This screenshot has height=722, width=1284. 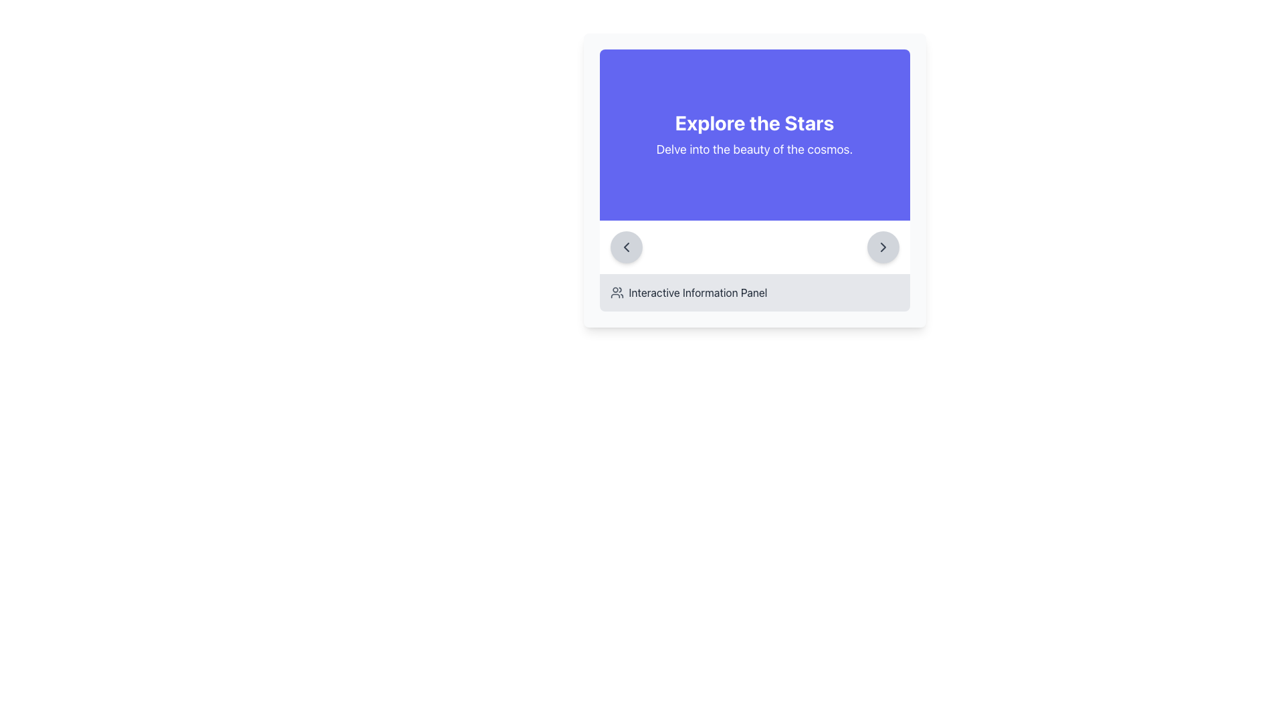 I want to click on the Text with Icon element that serves as a label or title below the 'Explore the Stars' blue panel, so click(x=754, y=292).